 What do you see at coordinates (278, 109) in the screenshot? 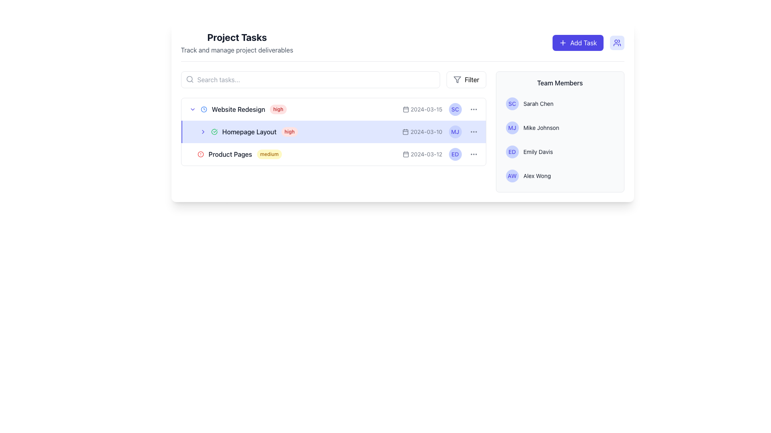
I see `the 'high' priority badge located to the right of the 'Website Redesign' task title in the task list` at bounding box center [278, 109].